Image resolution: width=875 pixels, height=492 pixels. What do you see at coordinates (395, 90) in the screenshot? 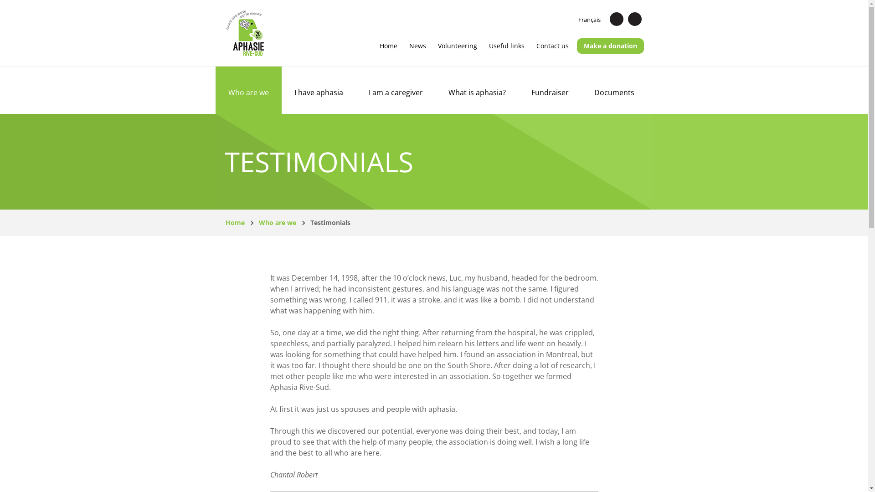
I see `'I am a caregiver'` at bounding box center [395, 90].